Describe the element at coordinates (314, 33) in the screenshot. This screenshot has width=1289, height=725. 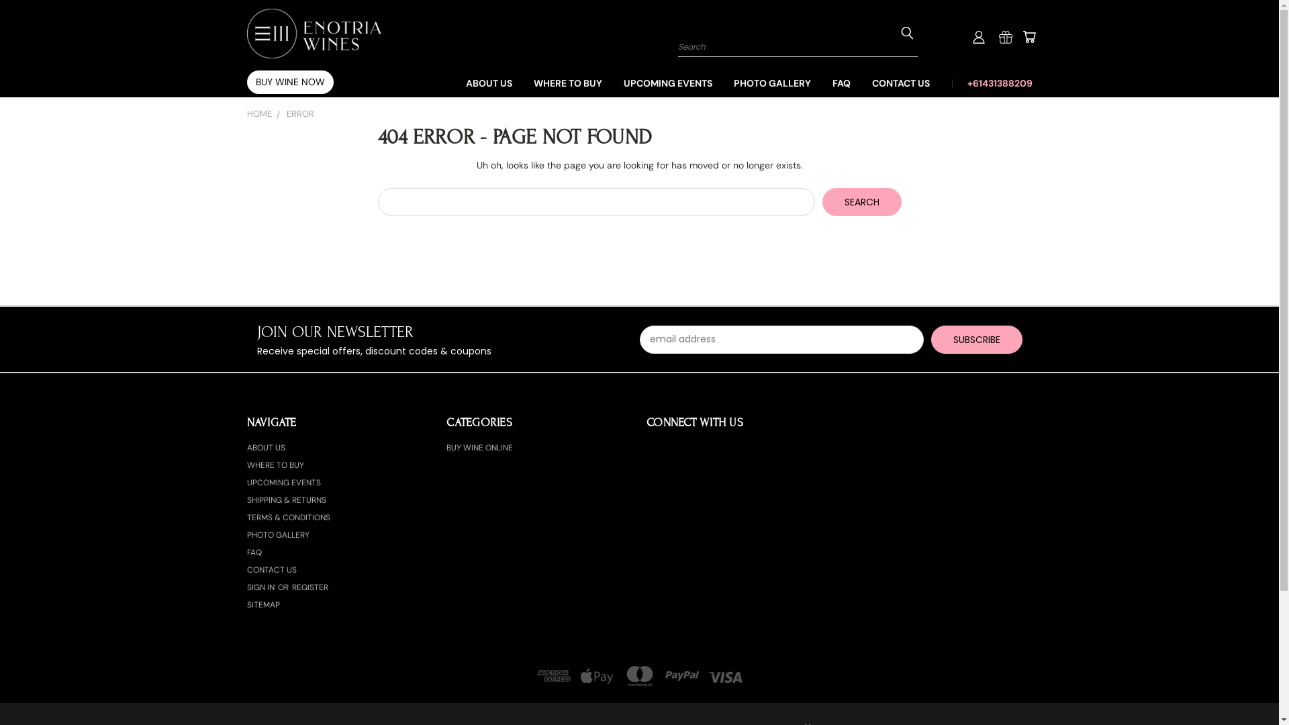
I see `'Enotria Wines'` at that location.